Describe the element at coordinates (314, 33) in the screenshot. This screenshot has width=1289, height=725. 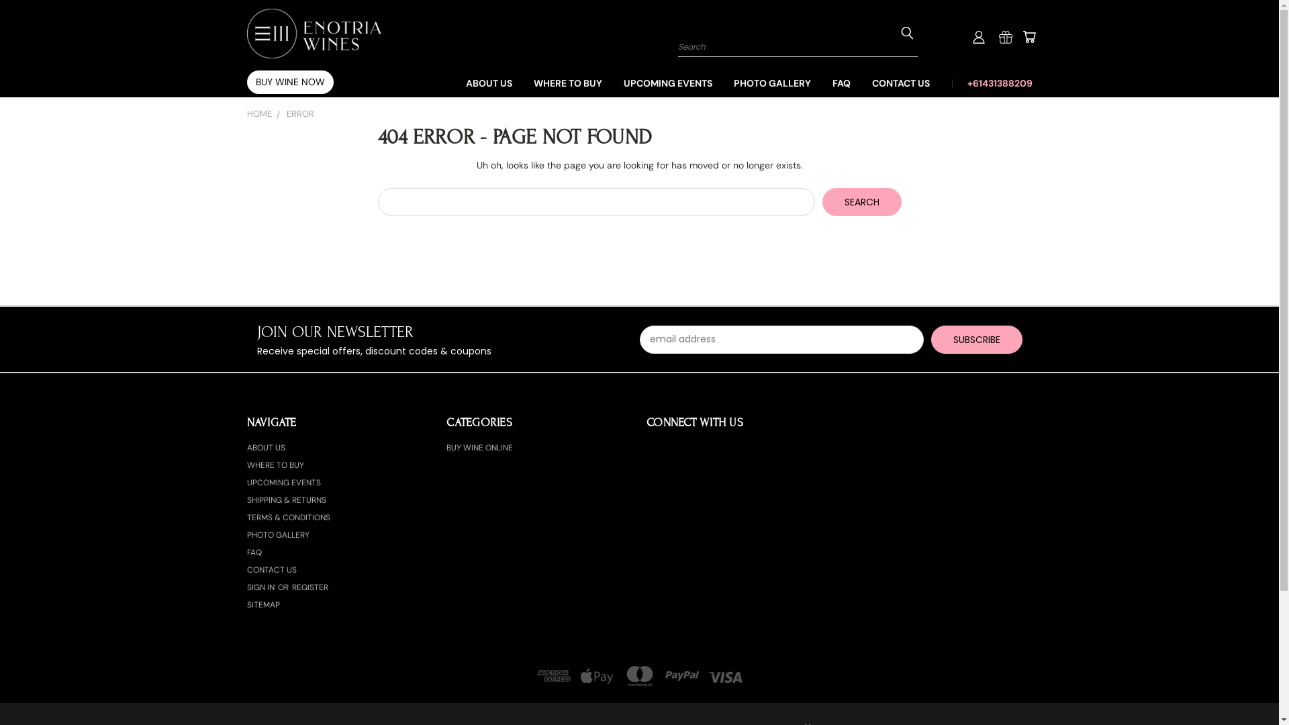
I see `'Enotria Wines'` at that location.